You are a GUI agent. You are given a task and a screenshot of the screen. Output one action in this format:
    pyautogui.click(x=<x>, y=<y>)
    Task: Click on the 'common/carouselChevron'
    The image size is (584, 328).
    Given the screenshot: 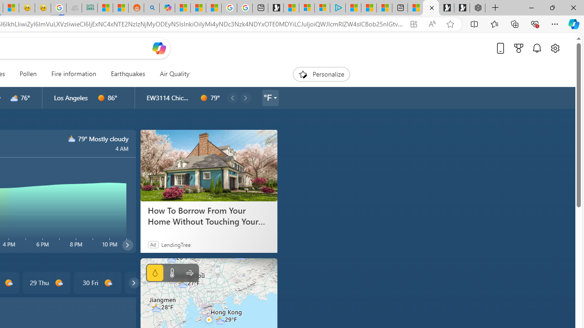 What is the action you would take?
    pyautogui.click(x=133, y=282)
    